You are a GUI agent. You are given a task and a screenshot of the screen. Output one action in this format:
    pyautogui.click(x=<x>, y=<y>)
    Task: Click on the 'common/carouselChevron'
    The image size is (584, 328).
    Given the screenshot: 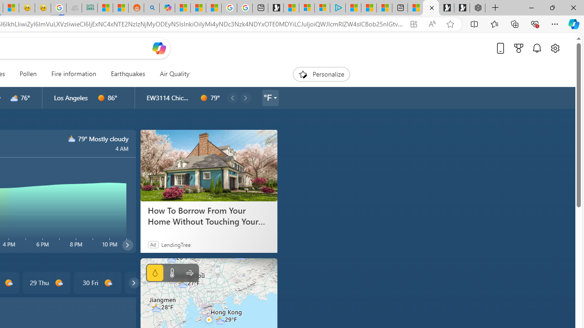 What is the action you would take?
    pyautogui.click(x=133, y=282)
    